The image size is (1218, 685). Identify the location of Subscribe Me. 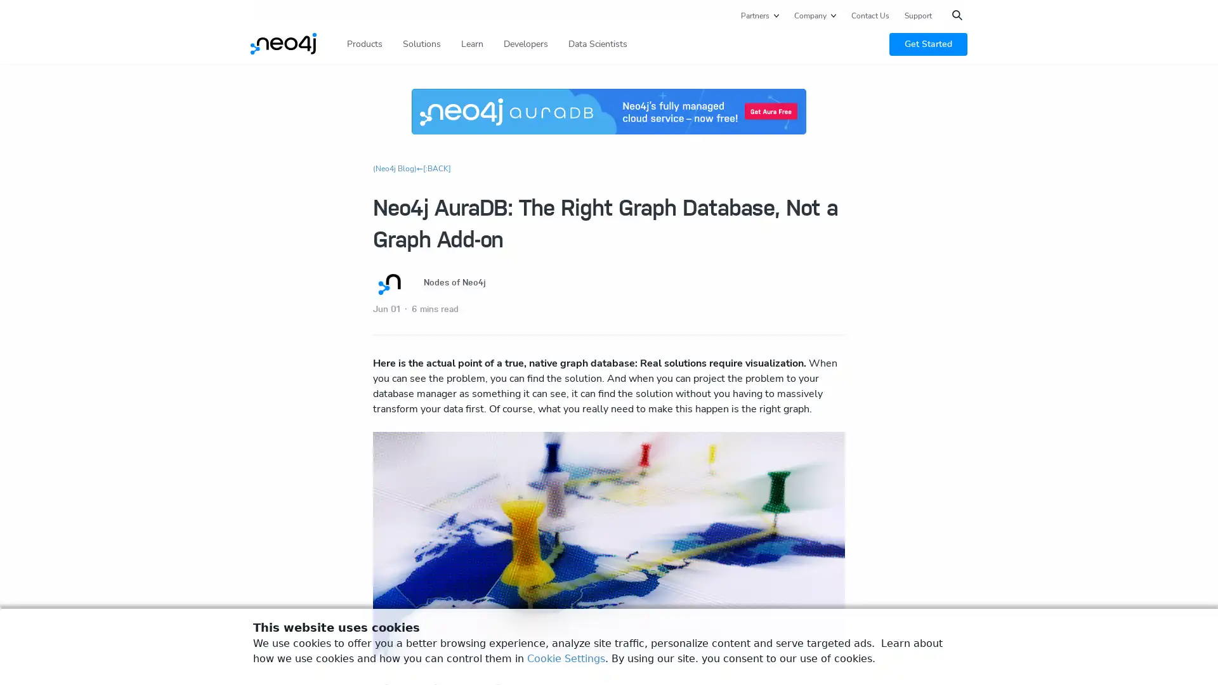
(1019, 254).